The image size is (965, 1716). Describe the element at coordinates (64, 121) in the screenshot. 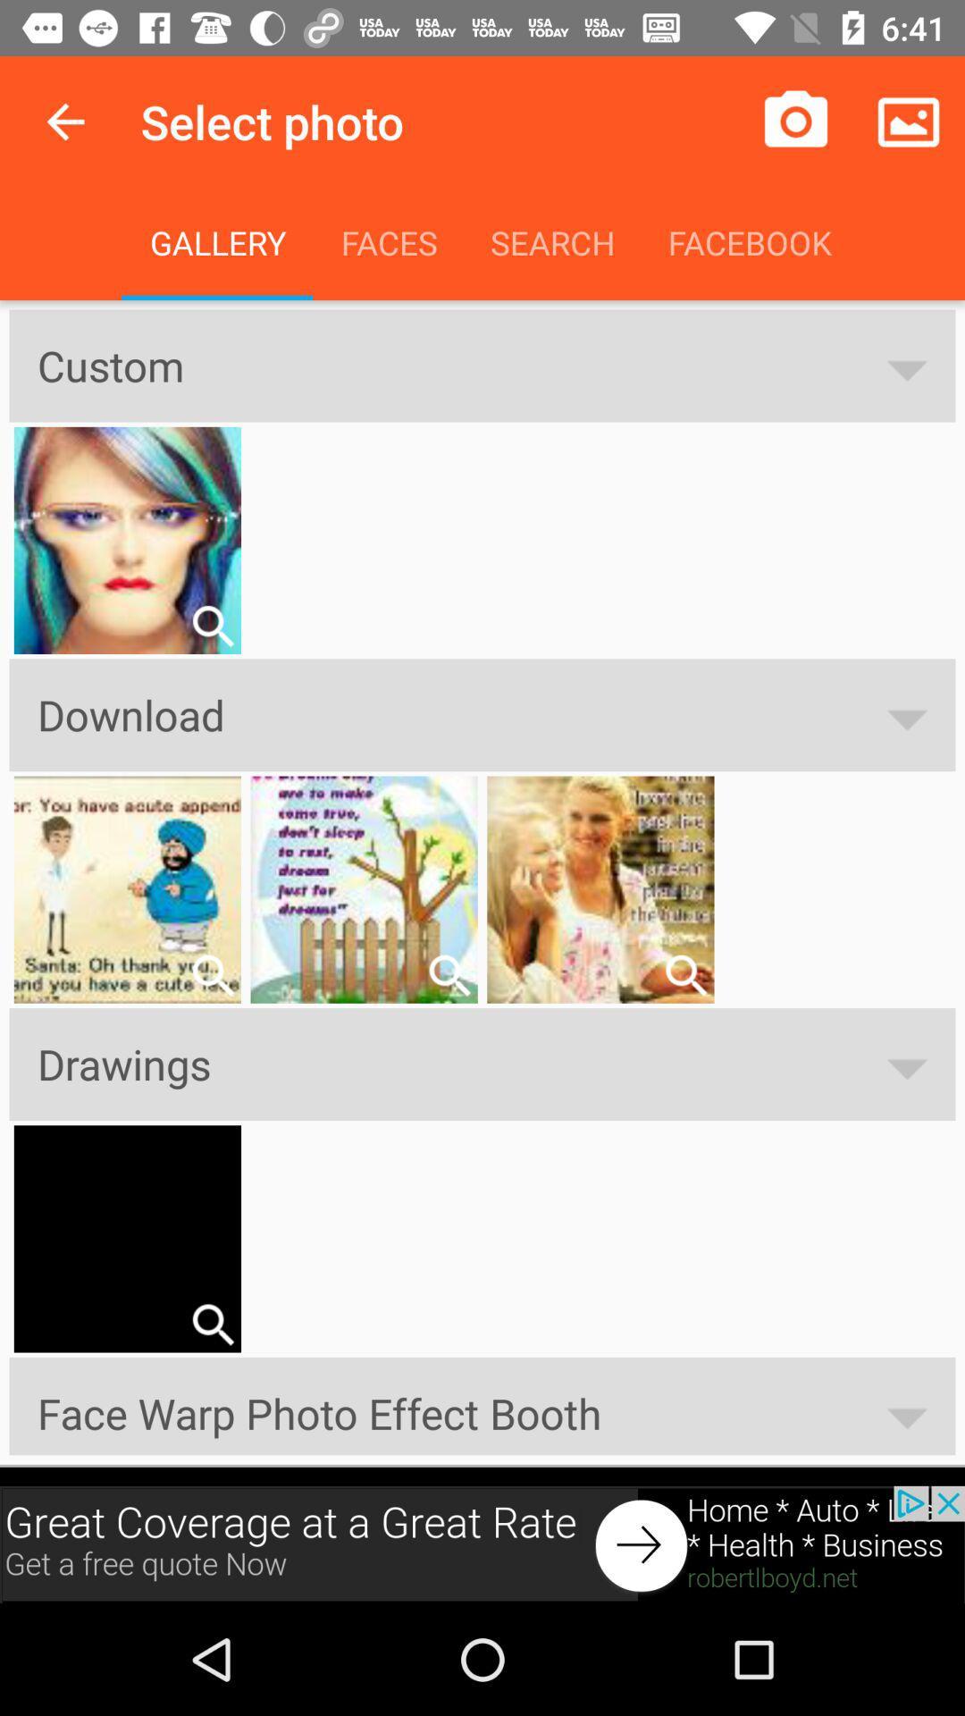

I see `go back` at that location.